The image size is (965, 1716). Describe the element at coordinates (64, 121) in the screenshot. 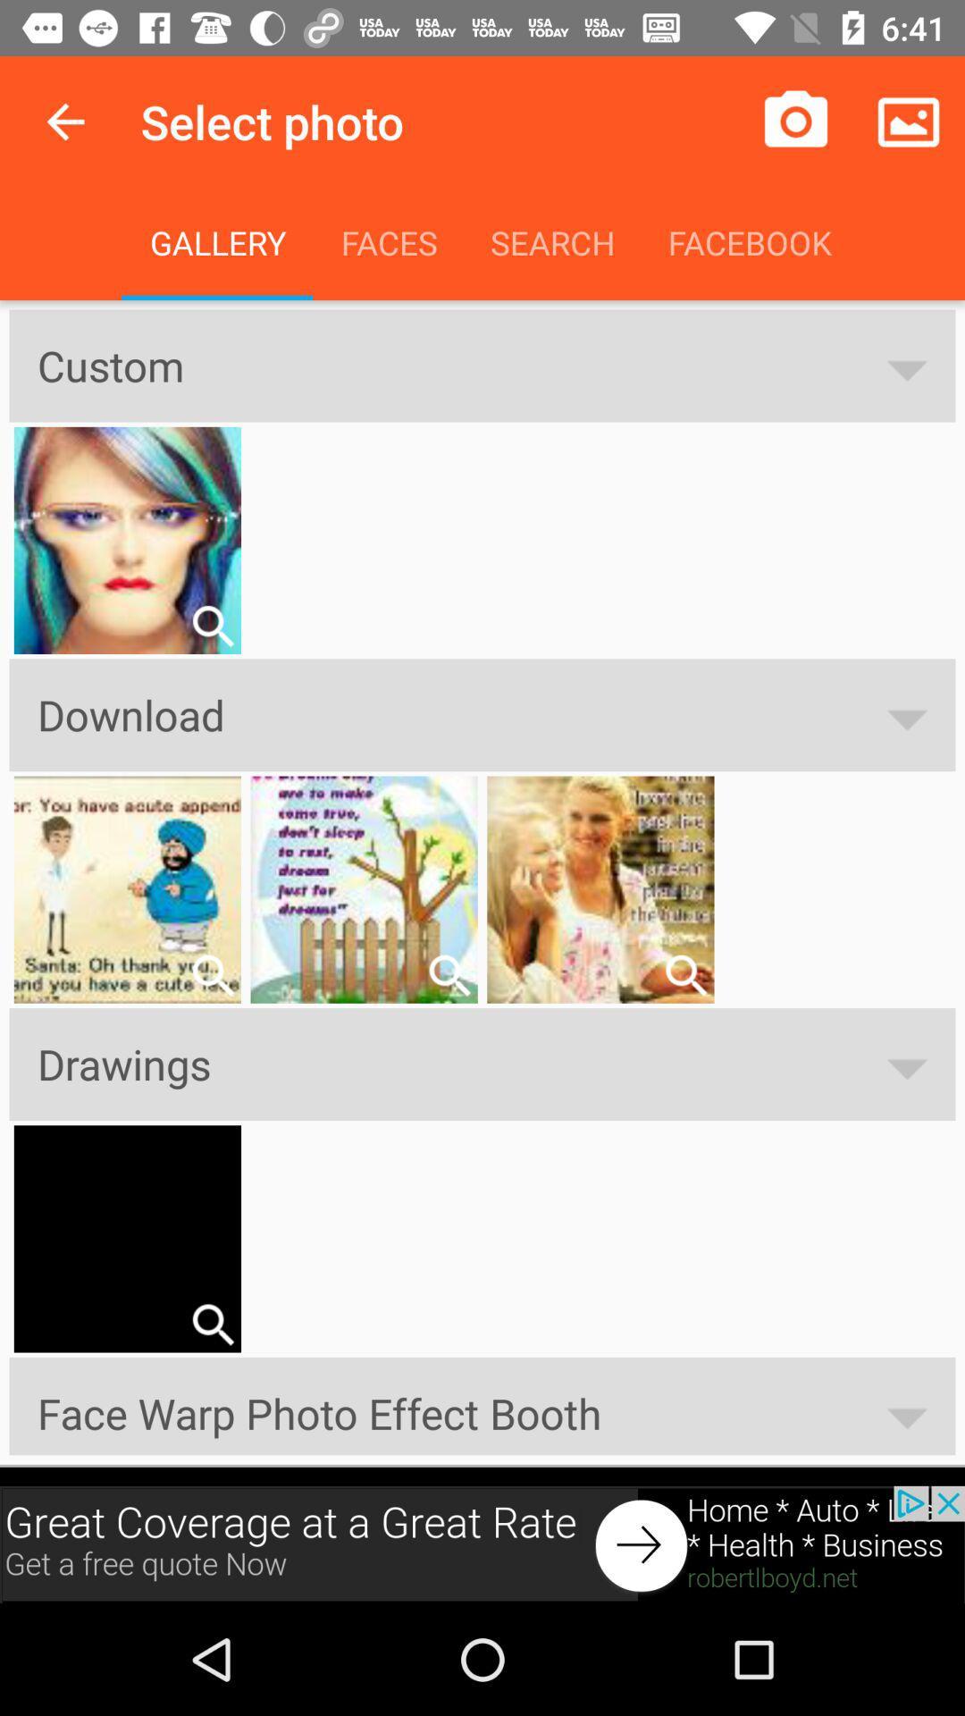

I see `go back` at that location.